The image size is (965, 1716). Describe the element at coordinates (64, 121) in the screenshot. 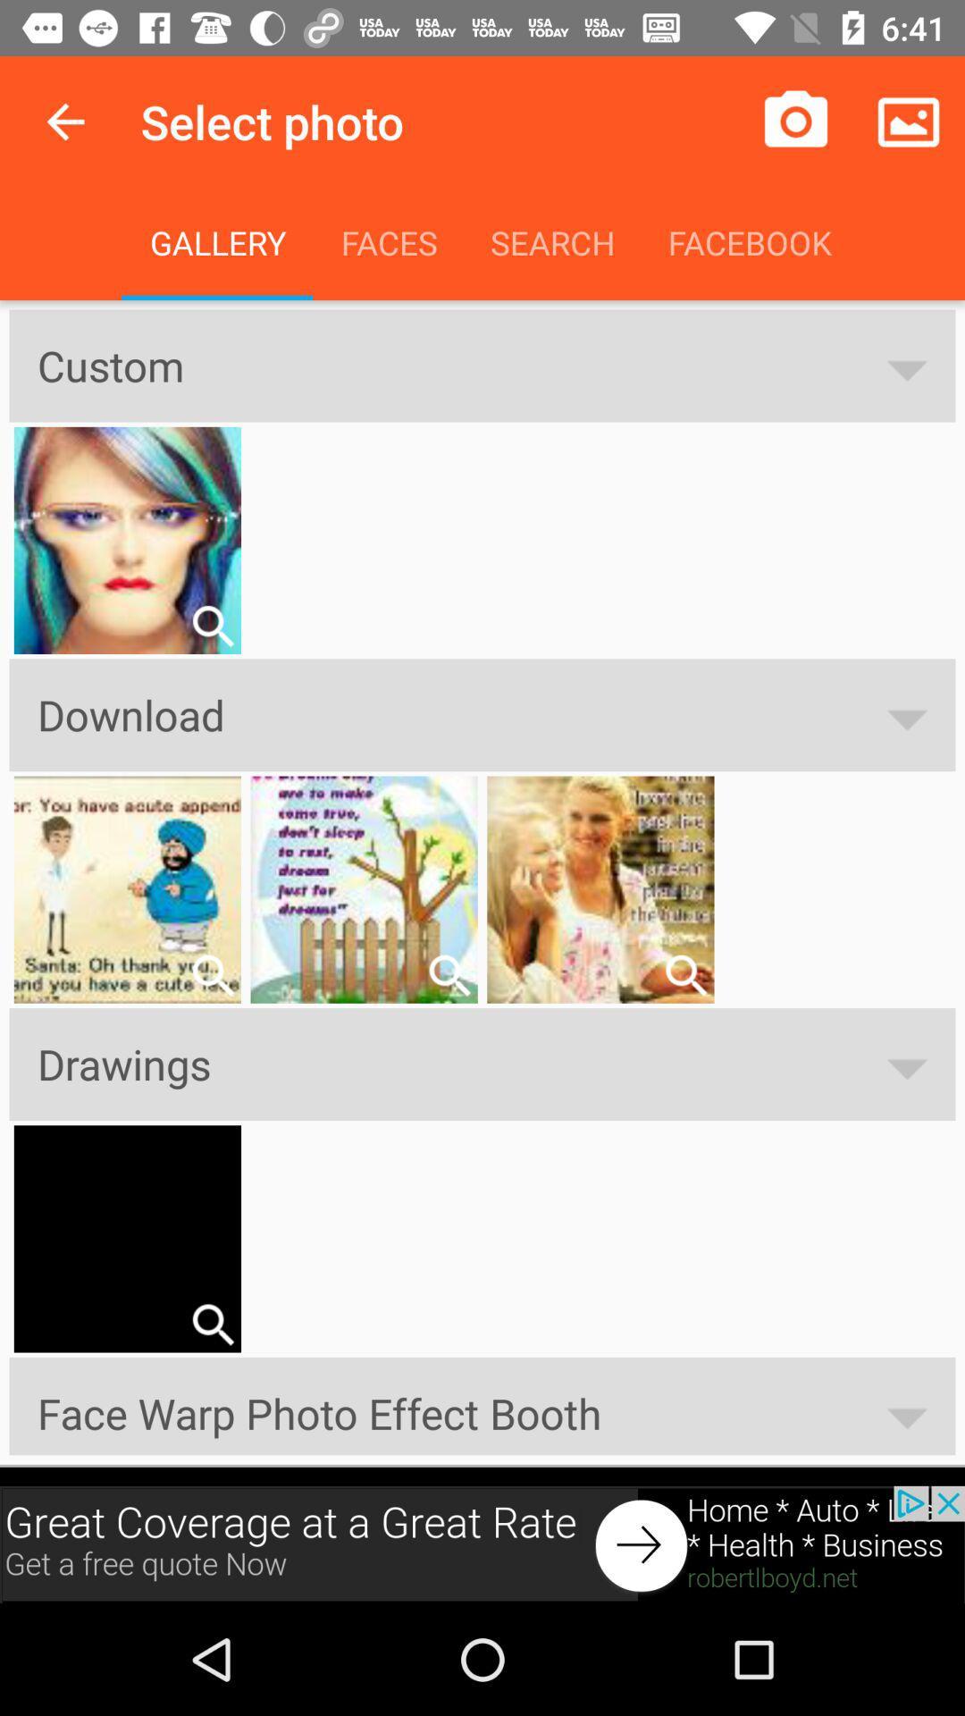

I see `go back` at that location.